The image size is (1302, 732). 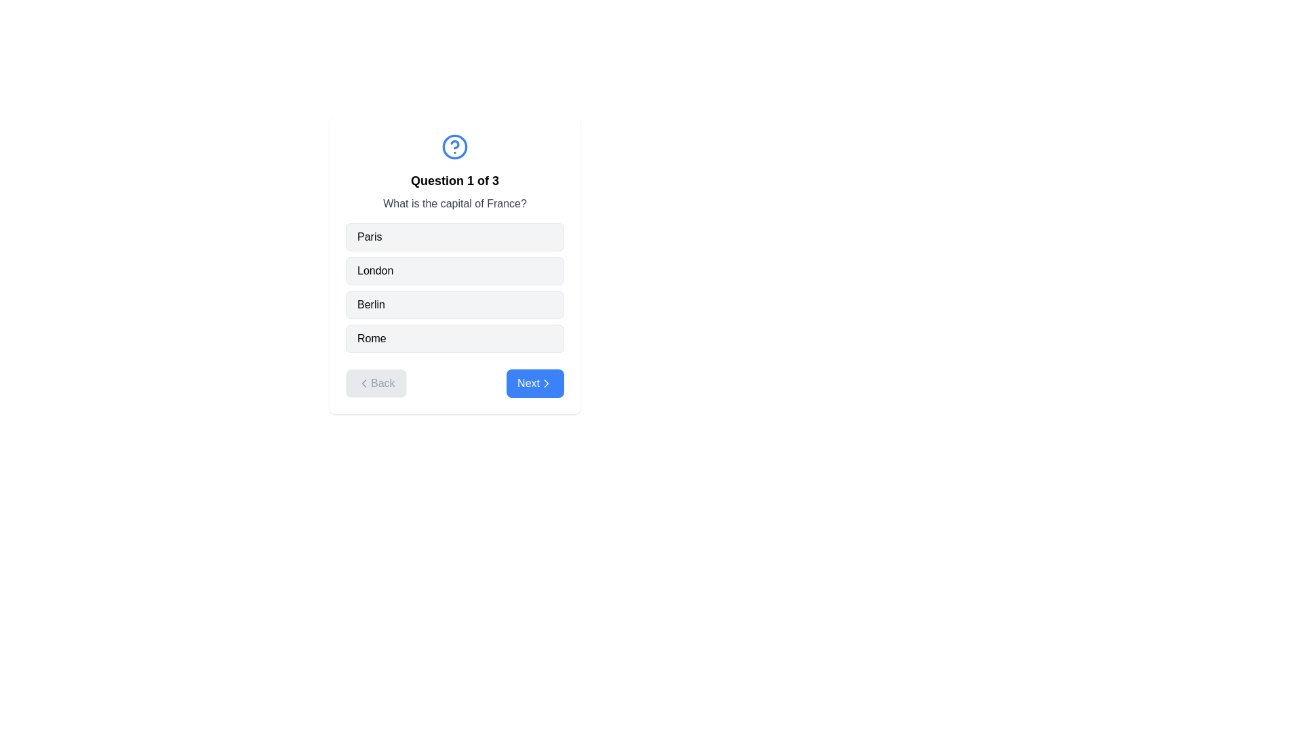 What do you see at coordinates (455, 271) in the screenshot?
I see `the 'London' button, which is a rectangular button with rounded corners, located in a vertically stacked list of buttons, positioned below the 'Paris' button` at bounding box center [455, 271].